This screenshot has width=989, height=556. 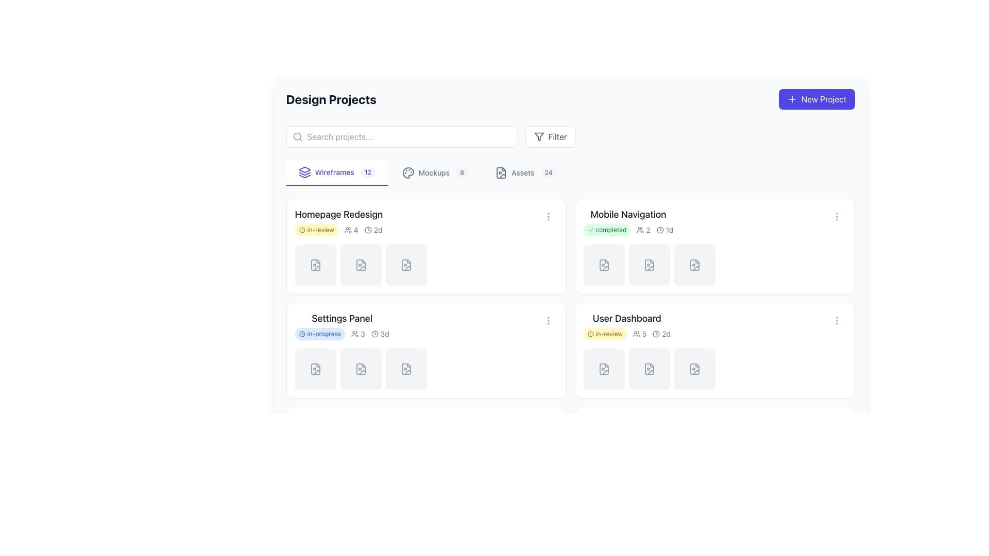 What do you see at coordinates (548, 216) in the screenshot?
I see `the button with a vertical ellipsis icon` at bounding box center [548, 216].